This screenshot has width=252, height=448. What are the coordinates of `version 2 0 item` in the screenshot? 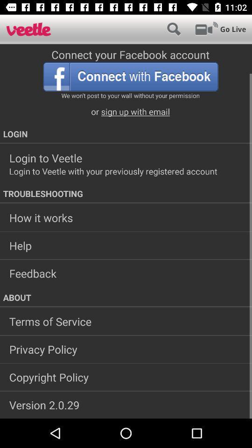 It's located at (126, 404).